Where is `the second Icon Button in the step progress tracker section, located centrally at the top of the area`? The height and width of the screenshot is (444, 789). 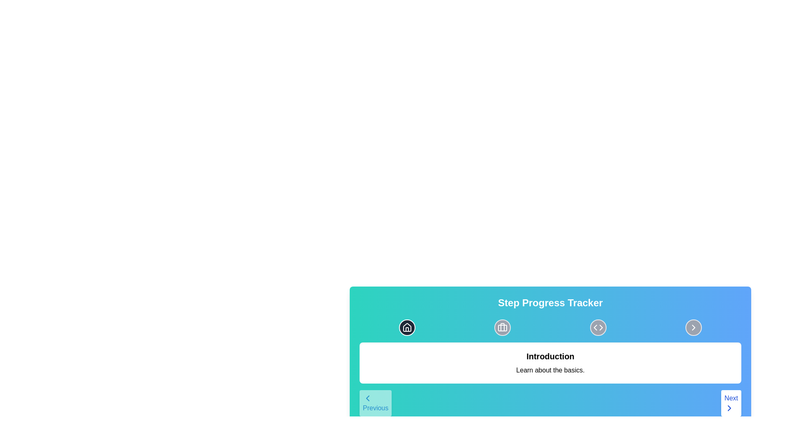 the second Icon Button in the step progress tracker section, located centrally at the top of the area is located at coordinates (502, 327).